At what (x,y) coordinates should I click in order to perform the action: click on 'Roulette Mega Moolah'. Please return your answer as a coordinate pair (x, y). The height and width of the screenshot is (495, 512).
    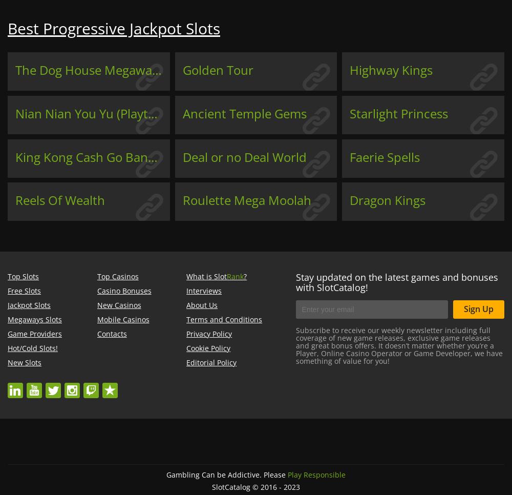
    Looking at the image, I should click on (246, 200).